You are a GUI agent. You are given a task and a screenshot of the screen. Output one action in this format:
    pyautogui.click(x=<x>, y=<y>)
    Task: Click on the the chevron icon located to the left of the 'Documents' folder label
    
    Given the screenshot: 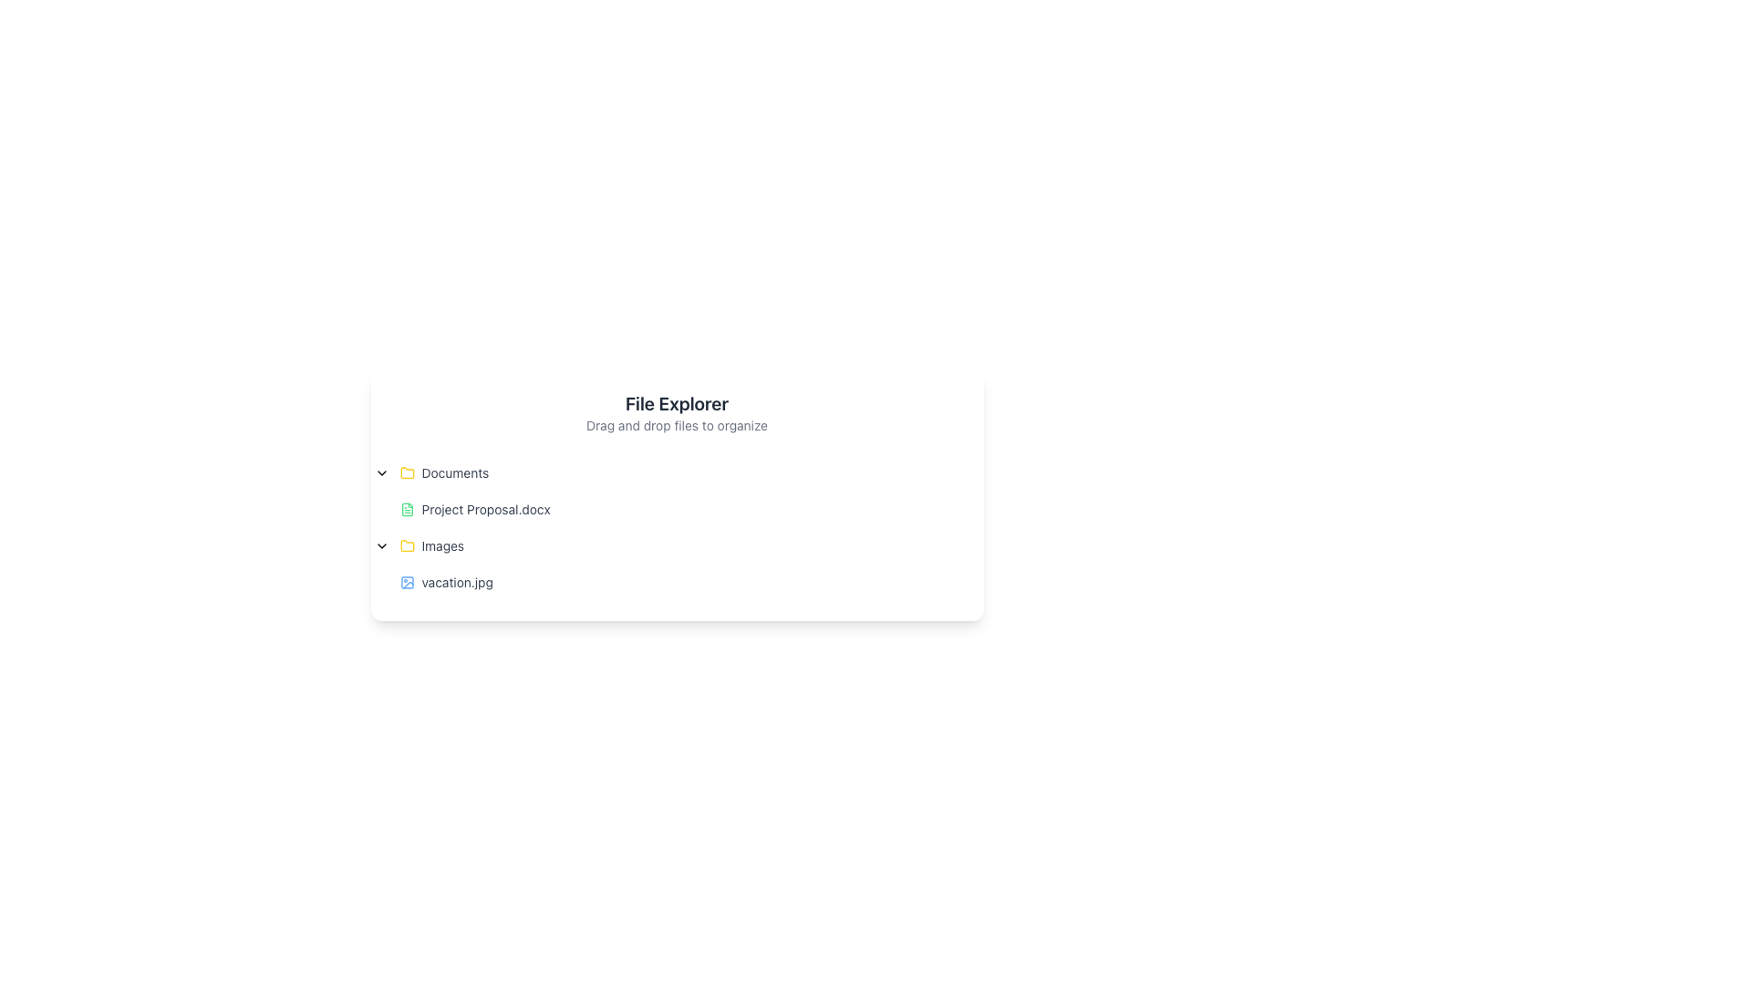 What is the action you would take?
    pyautogui.click(x=380, y=472)
    